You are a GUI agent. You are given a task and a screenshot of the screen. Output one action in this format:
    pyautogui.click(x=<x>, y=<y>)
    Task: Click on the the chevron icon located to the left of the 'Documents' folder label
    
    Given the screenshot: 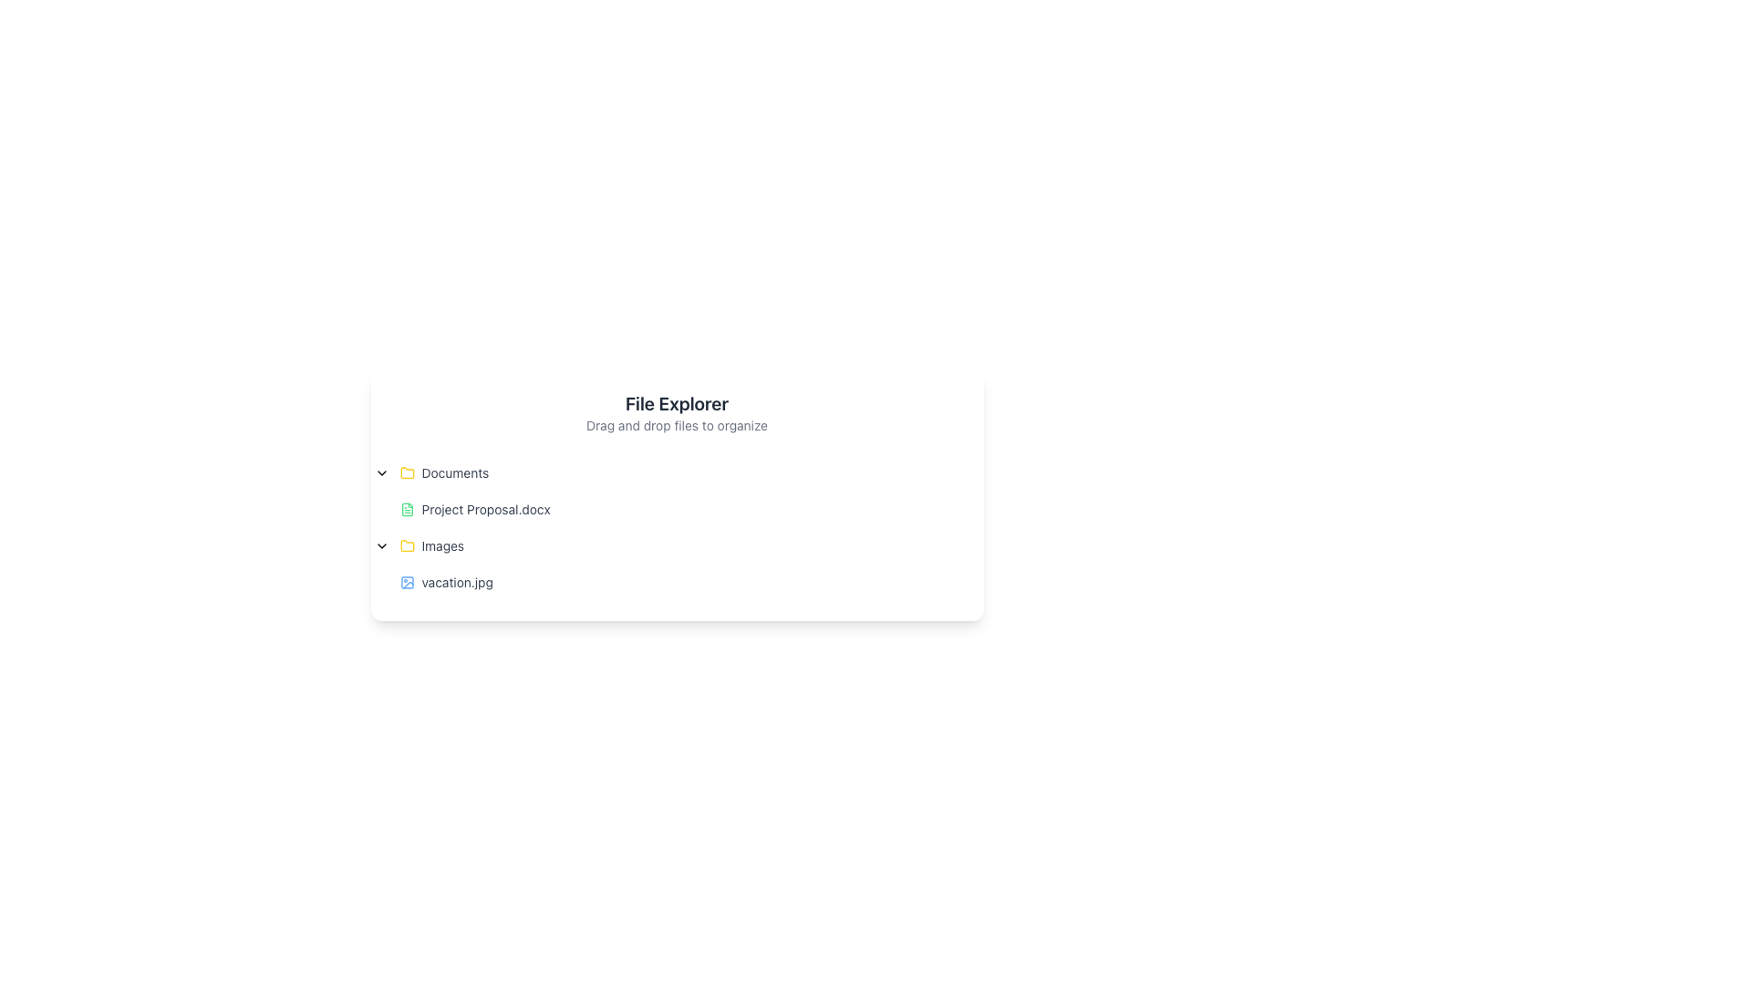 What is the action you would take?
    pyautogui.click(x=380, y=472)
    